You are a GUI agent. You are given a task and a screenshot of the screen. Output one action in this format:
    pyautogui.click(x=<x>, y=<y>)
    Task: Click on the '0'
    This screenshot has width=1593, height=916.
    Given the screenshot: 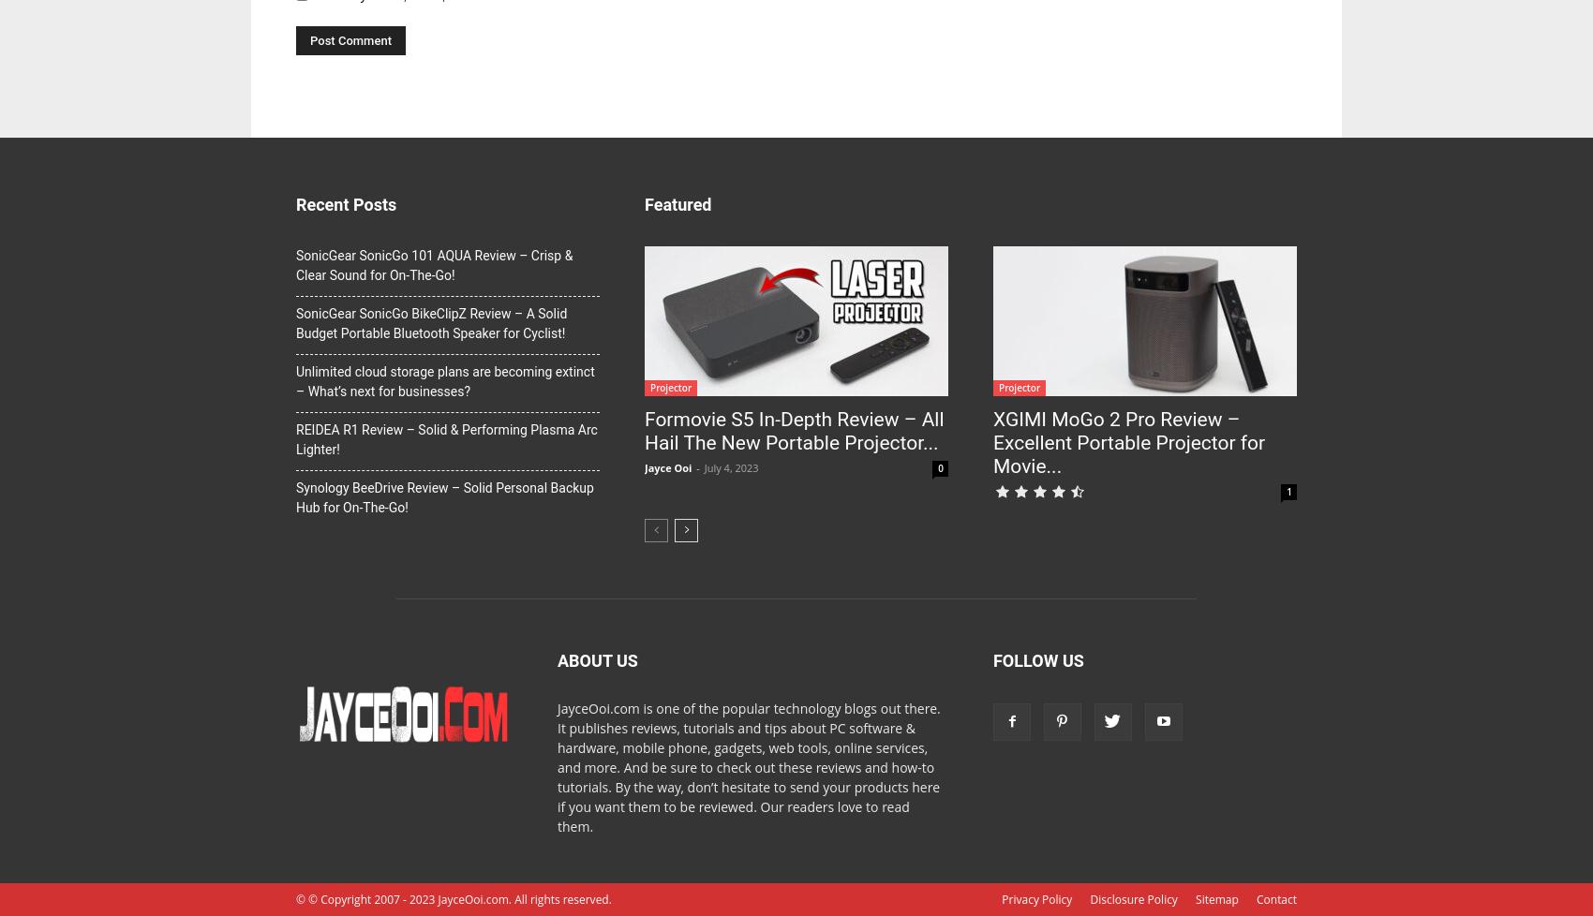 What is the action you would take?
    pyautogui.click(x=939, y=467)
    